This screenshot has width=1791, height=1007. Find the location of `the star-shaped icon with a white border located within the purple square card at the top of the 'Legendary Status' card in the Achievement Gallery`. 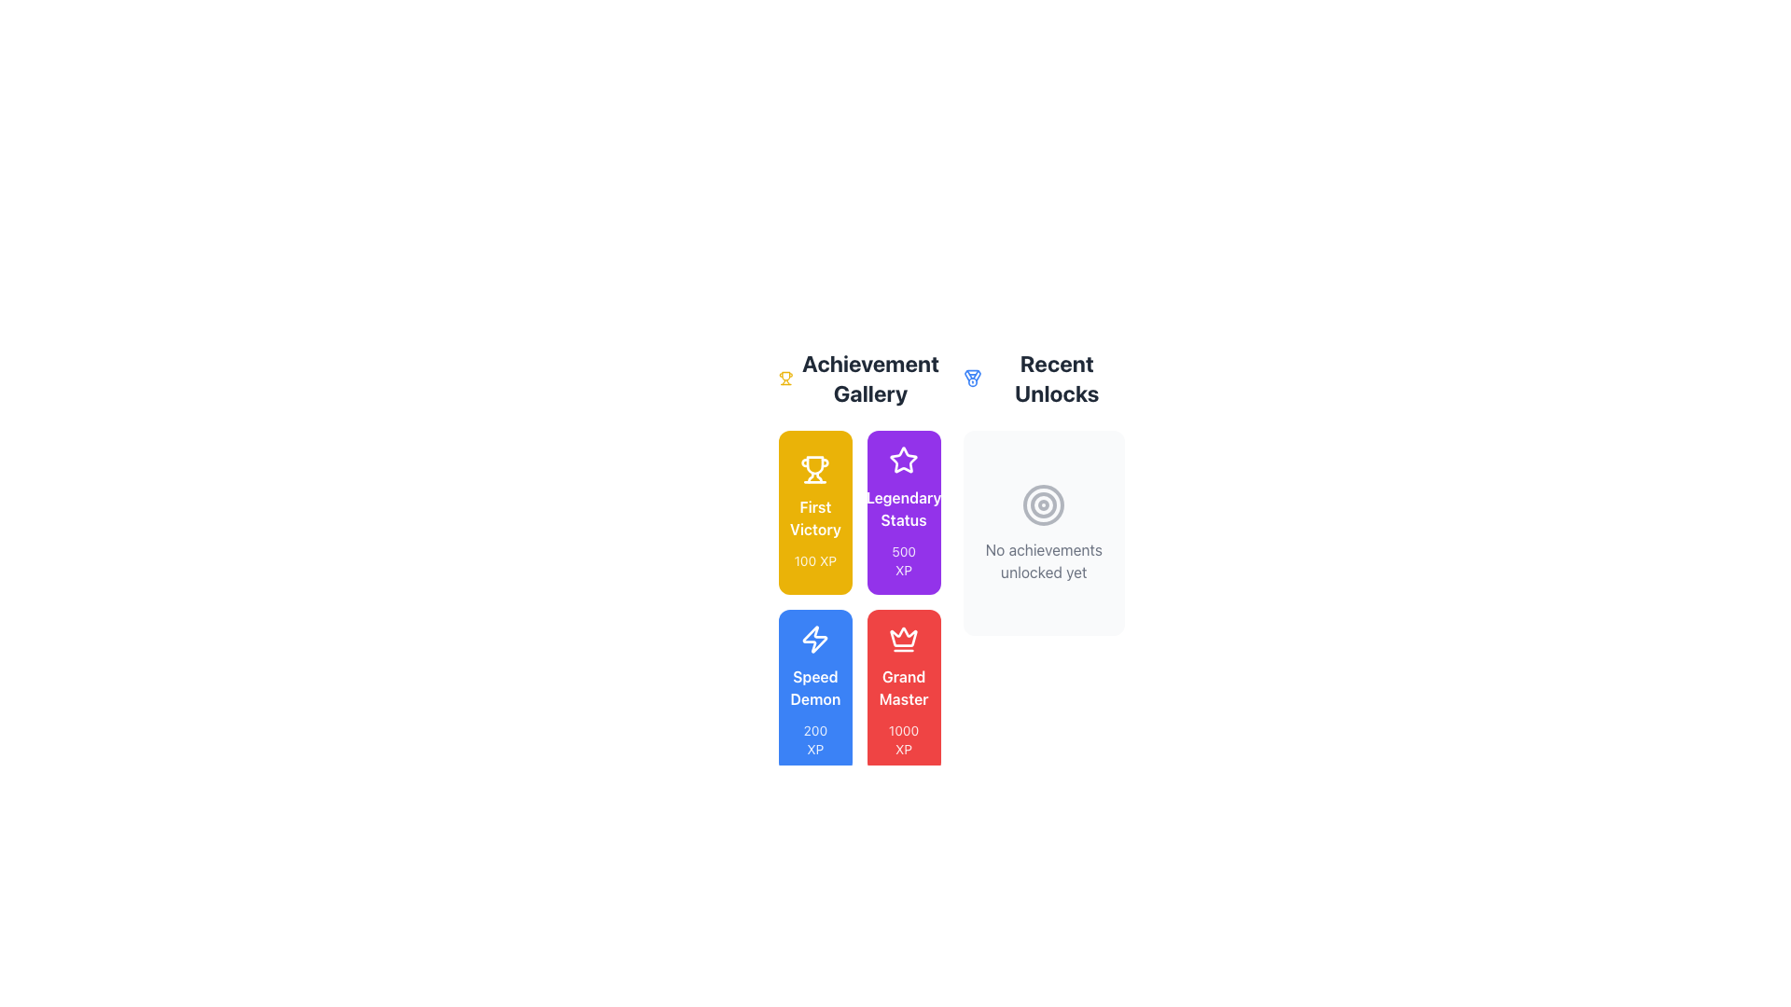

the star-shaped icon with a white border located within the purple square card at the top of the 'Legendary Status' card in the Achievement Gallery is located at coordinates (904, 460).